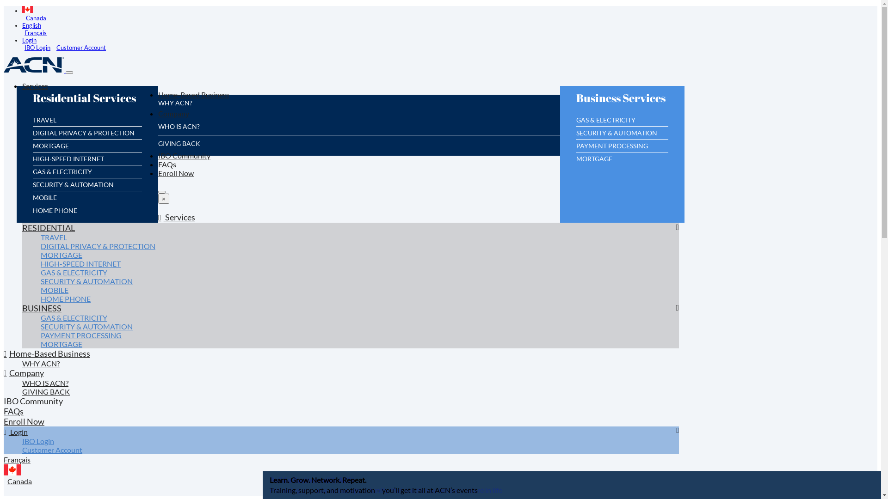 The image size is (888, 499). I want to click on 'WHY ACN?', so click(40, 366).